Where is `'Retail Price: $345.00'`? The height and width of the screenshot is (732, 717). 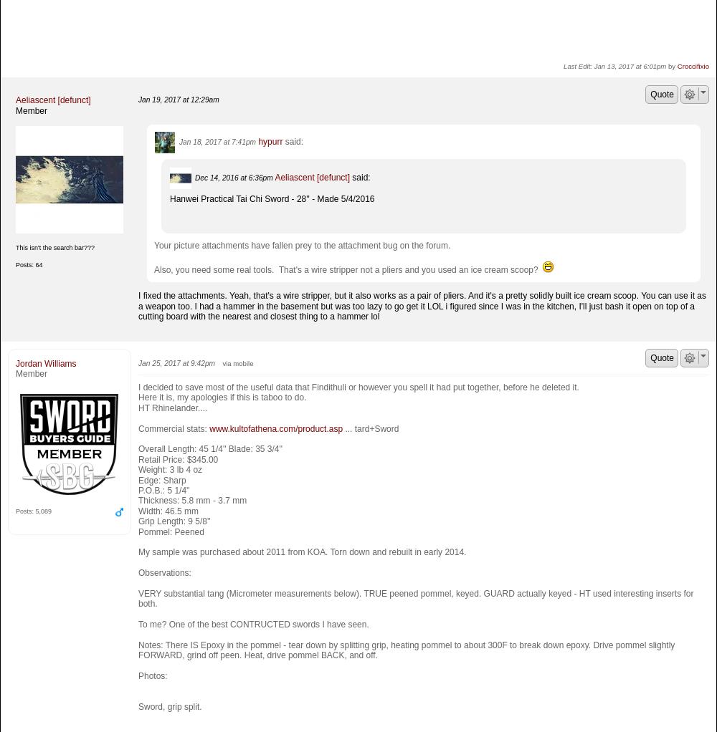
'Retail Price: $345.00' is located at coordinates (177, 458).